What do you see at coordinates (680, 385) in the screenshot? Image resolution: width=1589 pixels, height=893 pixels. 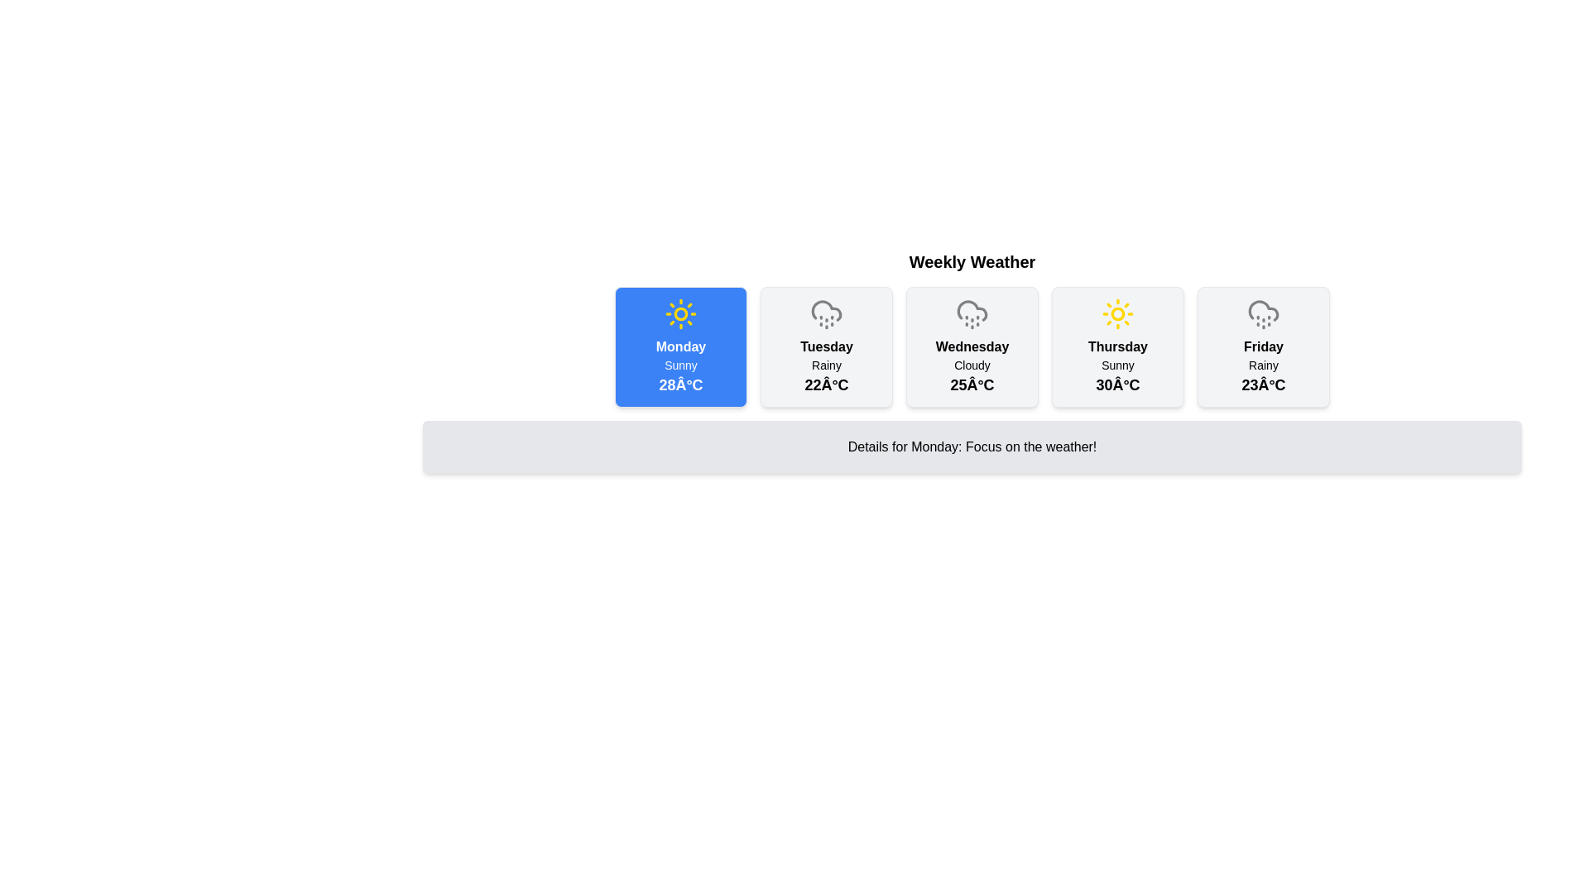 I see `maximum temperature for 'Monday' displayed in degrees Celsius located in the footer section of the first weather card beneath the 'Sunny' text and its corresponding icon` at bounding box center [680, 385].